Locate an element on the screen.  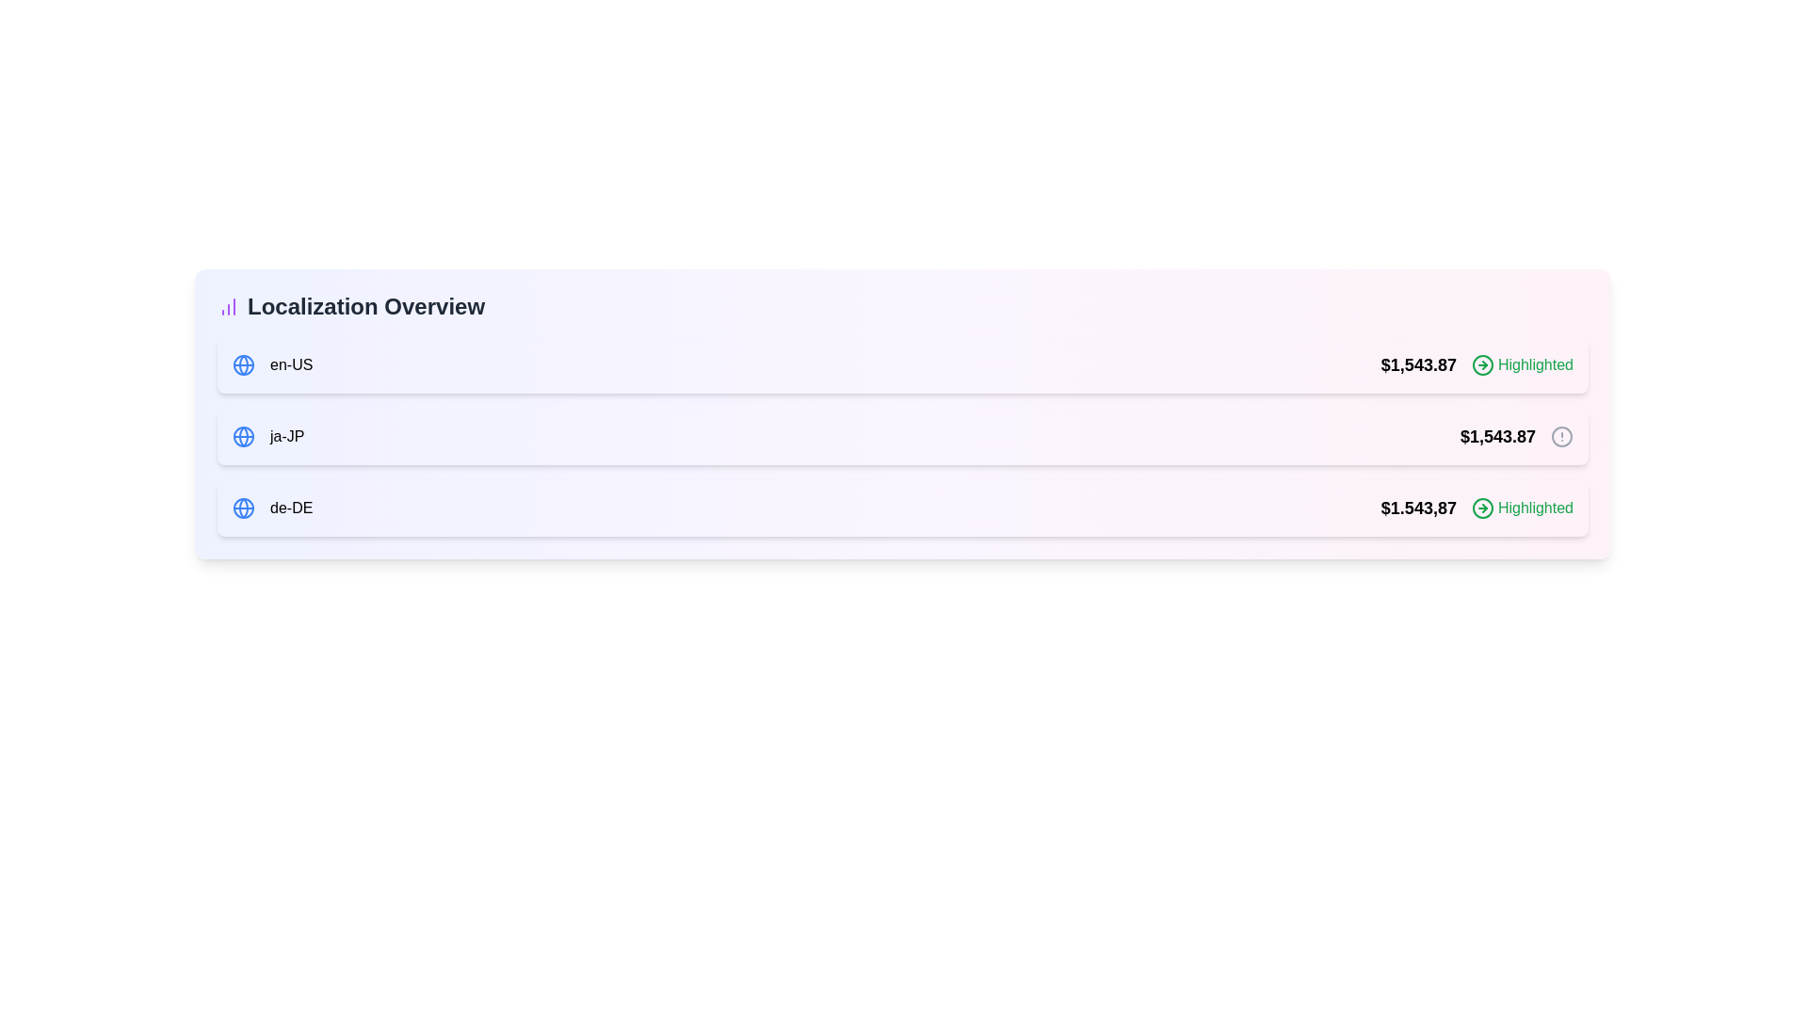
the circular alert icon with an exclamation point is located at coordinates (1562, 436).